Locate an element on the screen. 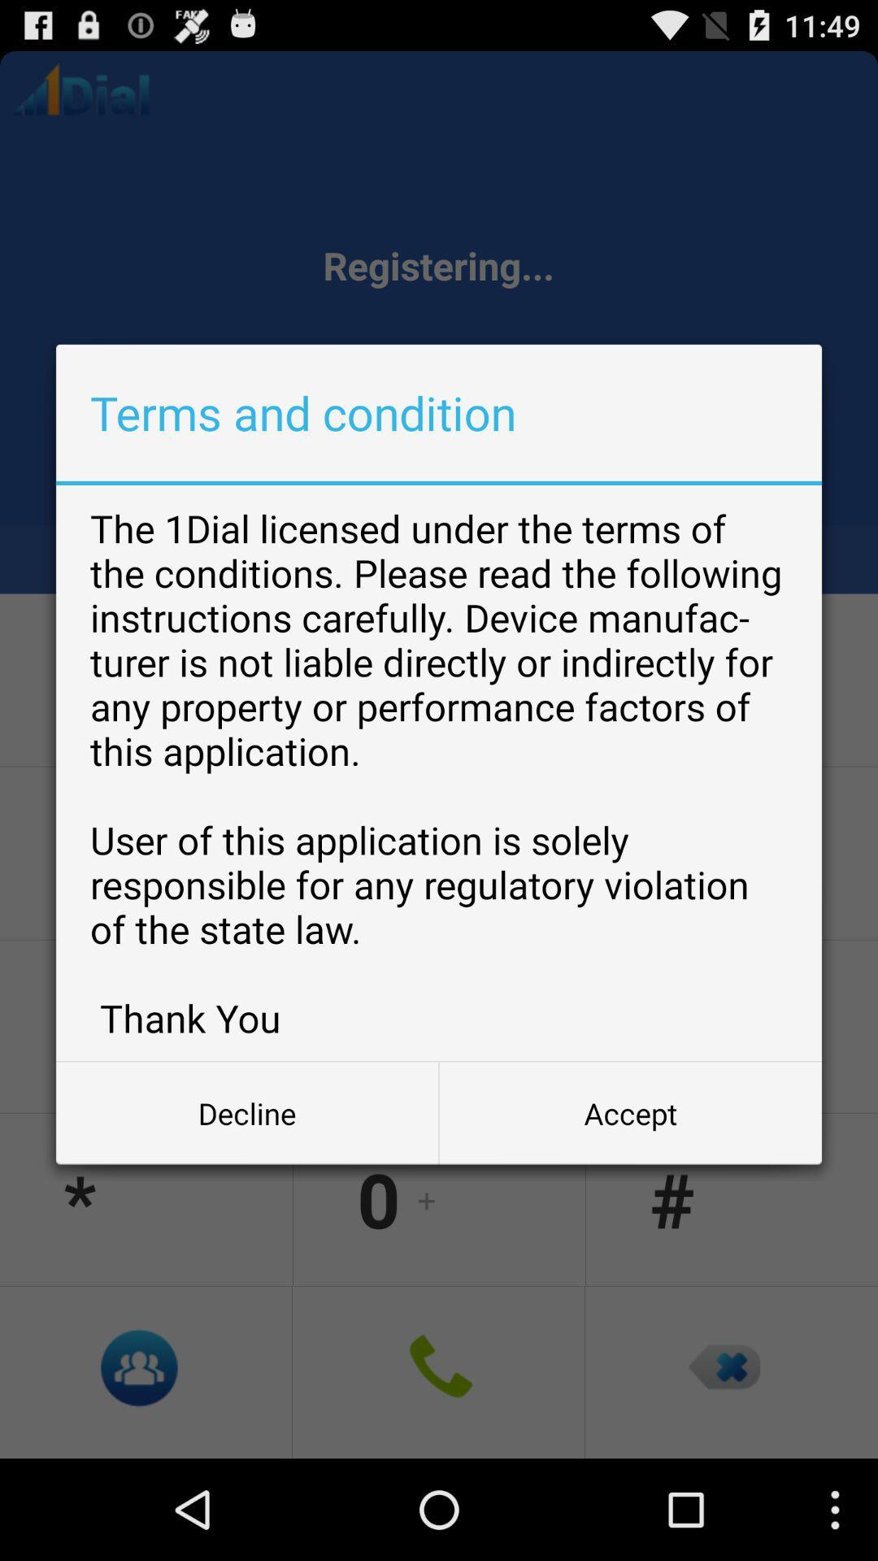 This screenshot has width=878, height=1561. the icon next to the decline button is located at coordinates (629, 1112).